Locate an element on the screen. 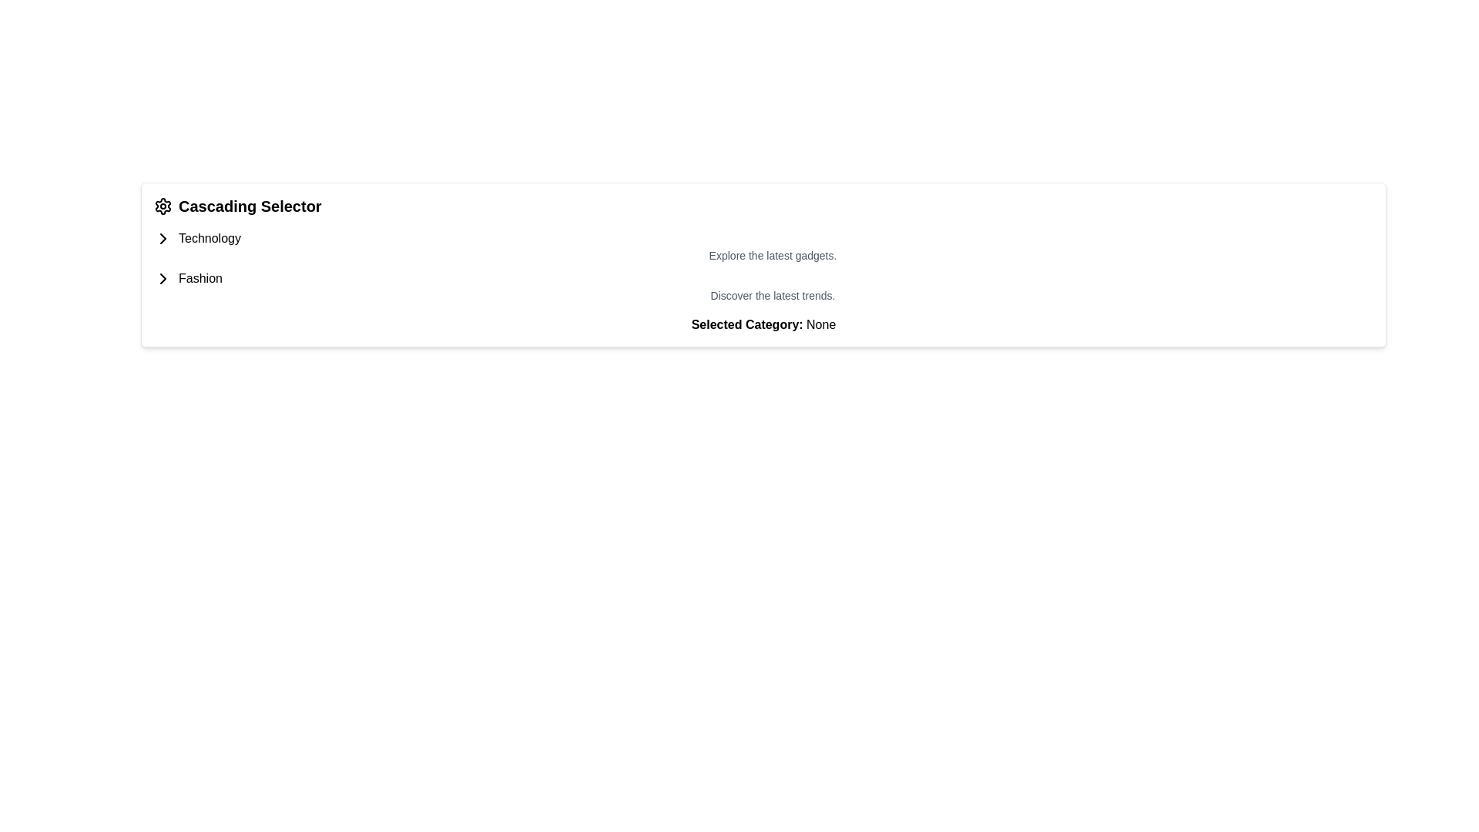 This screenshot has height=832, width=1479. the static descriptive text displaying 'Discover the latest trends.' which is positioned beneath the 'Fashion' section is located at coordinates (763, 296).